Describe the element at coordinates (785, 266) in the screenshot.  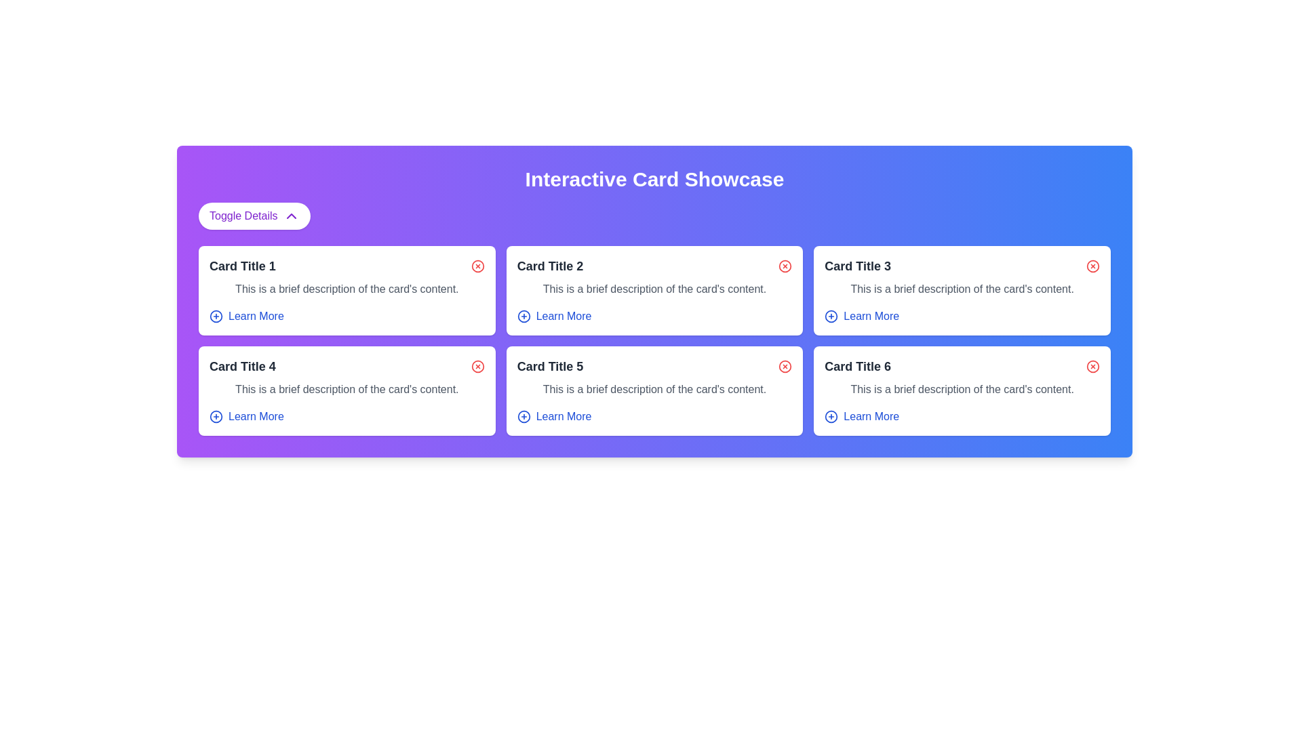
I see `the delete or close button located at the top-right corner of the card titled 'Card Title 2'` at that location.